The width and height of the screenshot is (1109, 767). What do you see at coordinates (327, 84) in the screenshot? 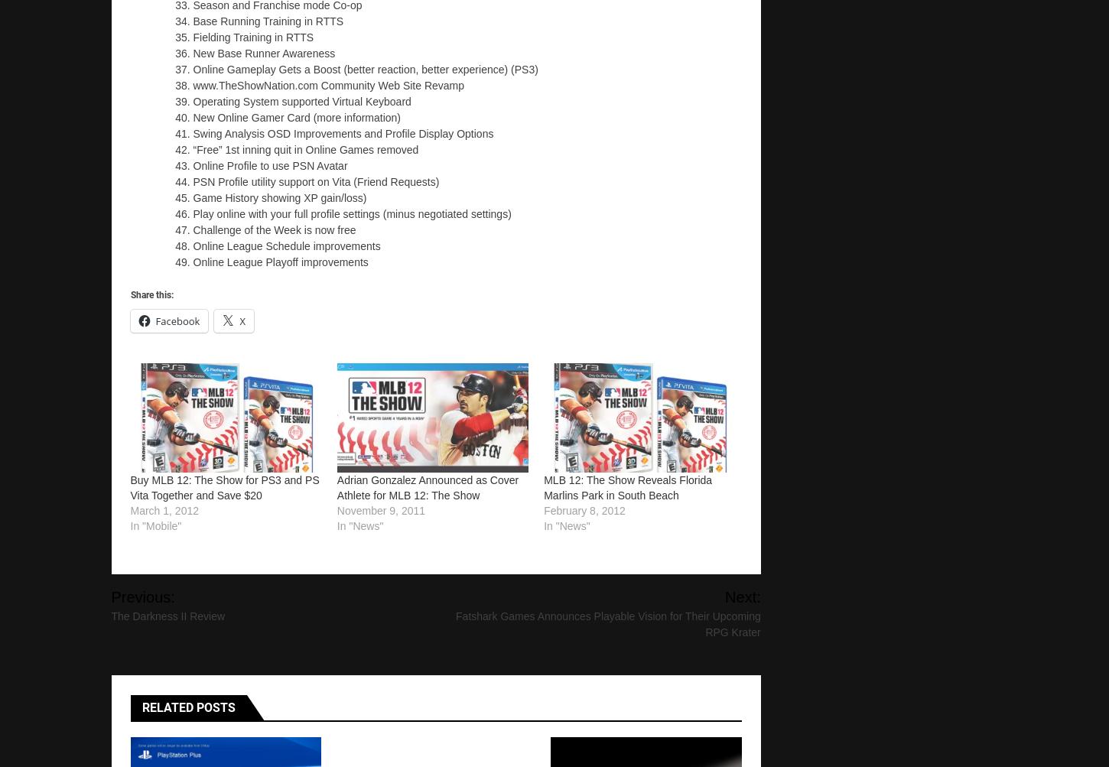
I see `'www.TheShowNation.com Community Web Site Revamp'` at bounding box center [327, 84].